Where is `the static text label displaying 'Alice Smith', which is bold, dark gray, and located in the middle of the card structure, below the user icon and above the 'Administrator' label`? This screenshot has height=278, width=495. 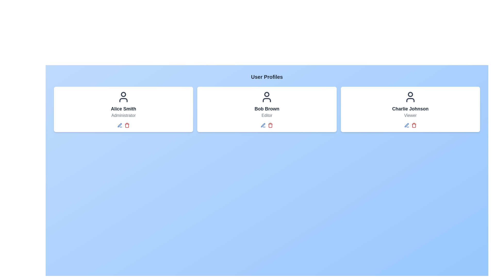 the static text label displaying 'Alice Smith', which is bold, dark gray, and located in the middle of the card structure, below the user icon and above the 'Administrator' label is located at coordinates (123, 109).